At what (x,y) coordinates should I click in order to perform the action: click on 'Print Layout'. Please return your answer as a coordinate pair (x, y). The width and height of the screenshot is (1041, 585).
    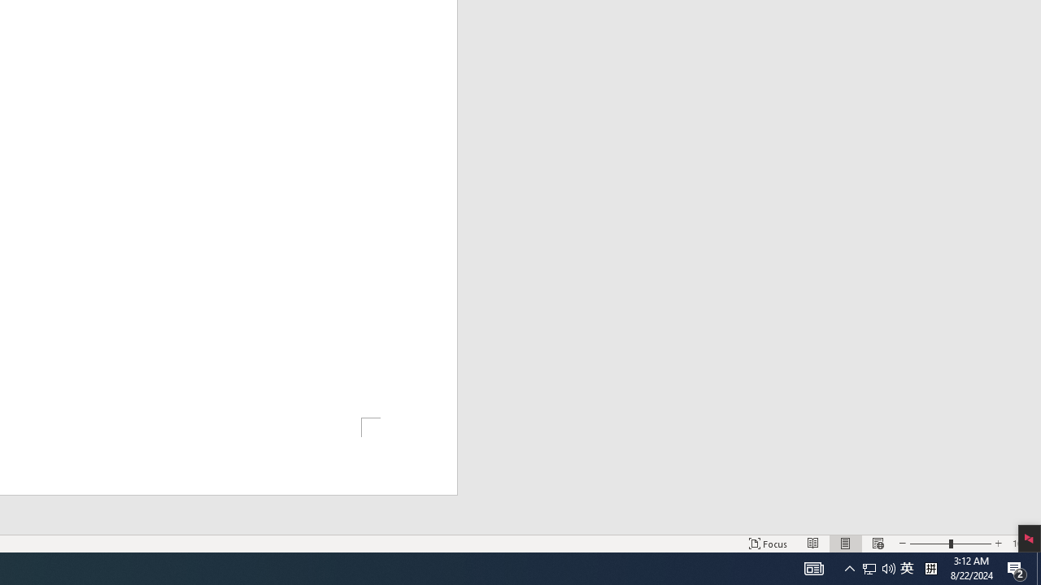
    Looking at the image, I should click on (846, 544).